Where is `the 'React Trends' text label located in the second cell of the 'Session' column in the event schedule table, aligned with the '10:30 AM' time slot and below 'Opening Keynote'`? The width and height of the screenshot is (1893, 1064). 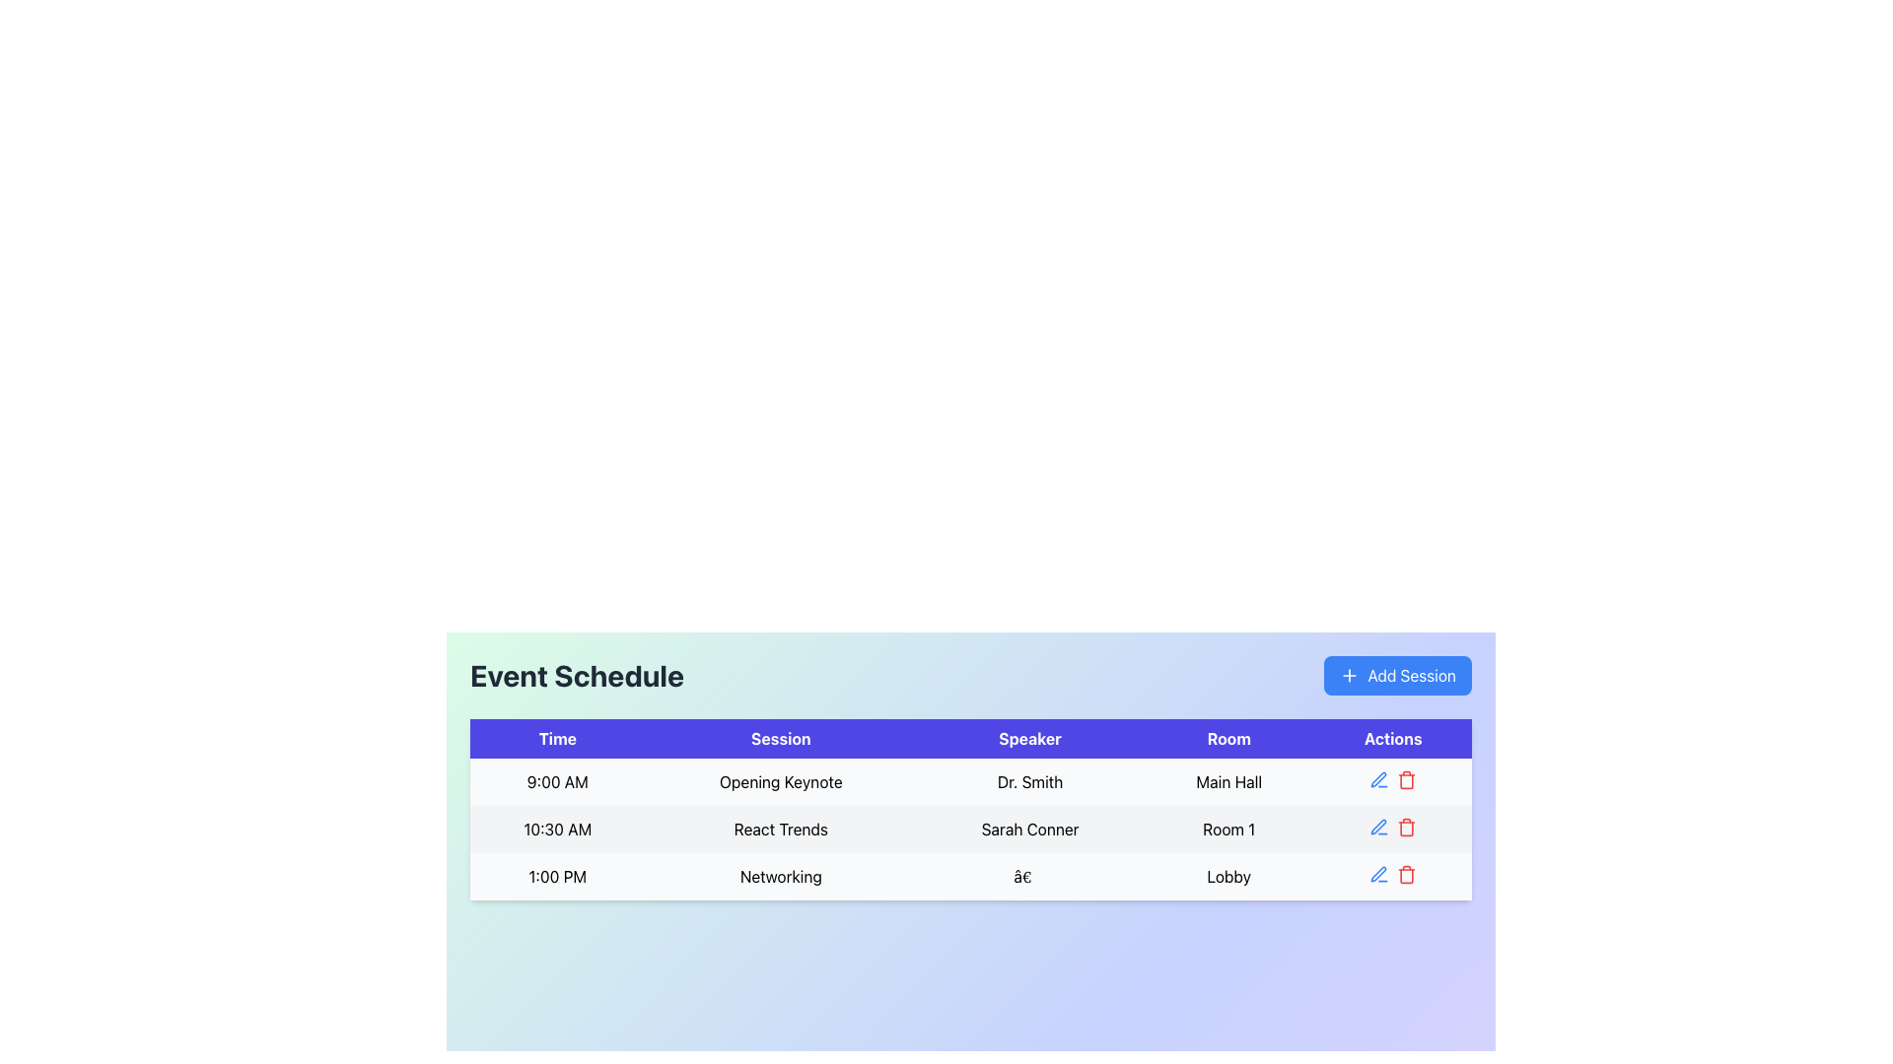 the 'React Trends' text label located in the second cell of the 'Session' column in the event schedule table, aligned with the '10:30 AM' time slot and below 'Opening Keynote' is located at coordinates (780, 829).